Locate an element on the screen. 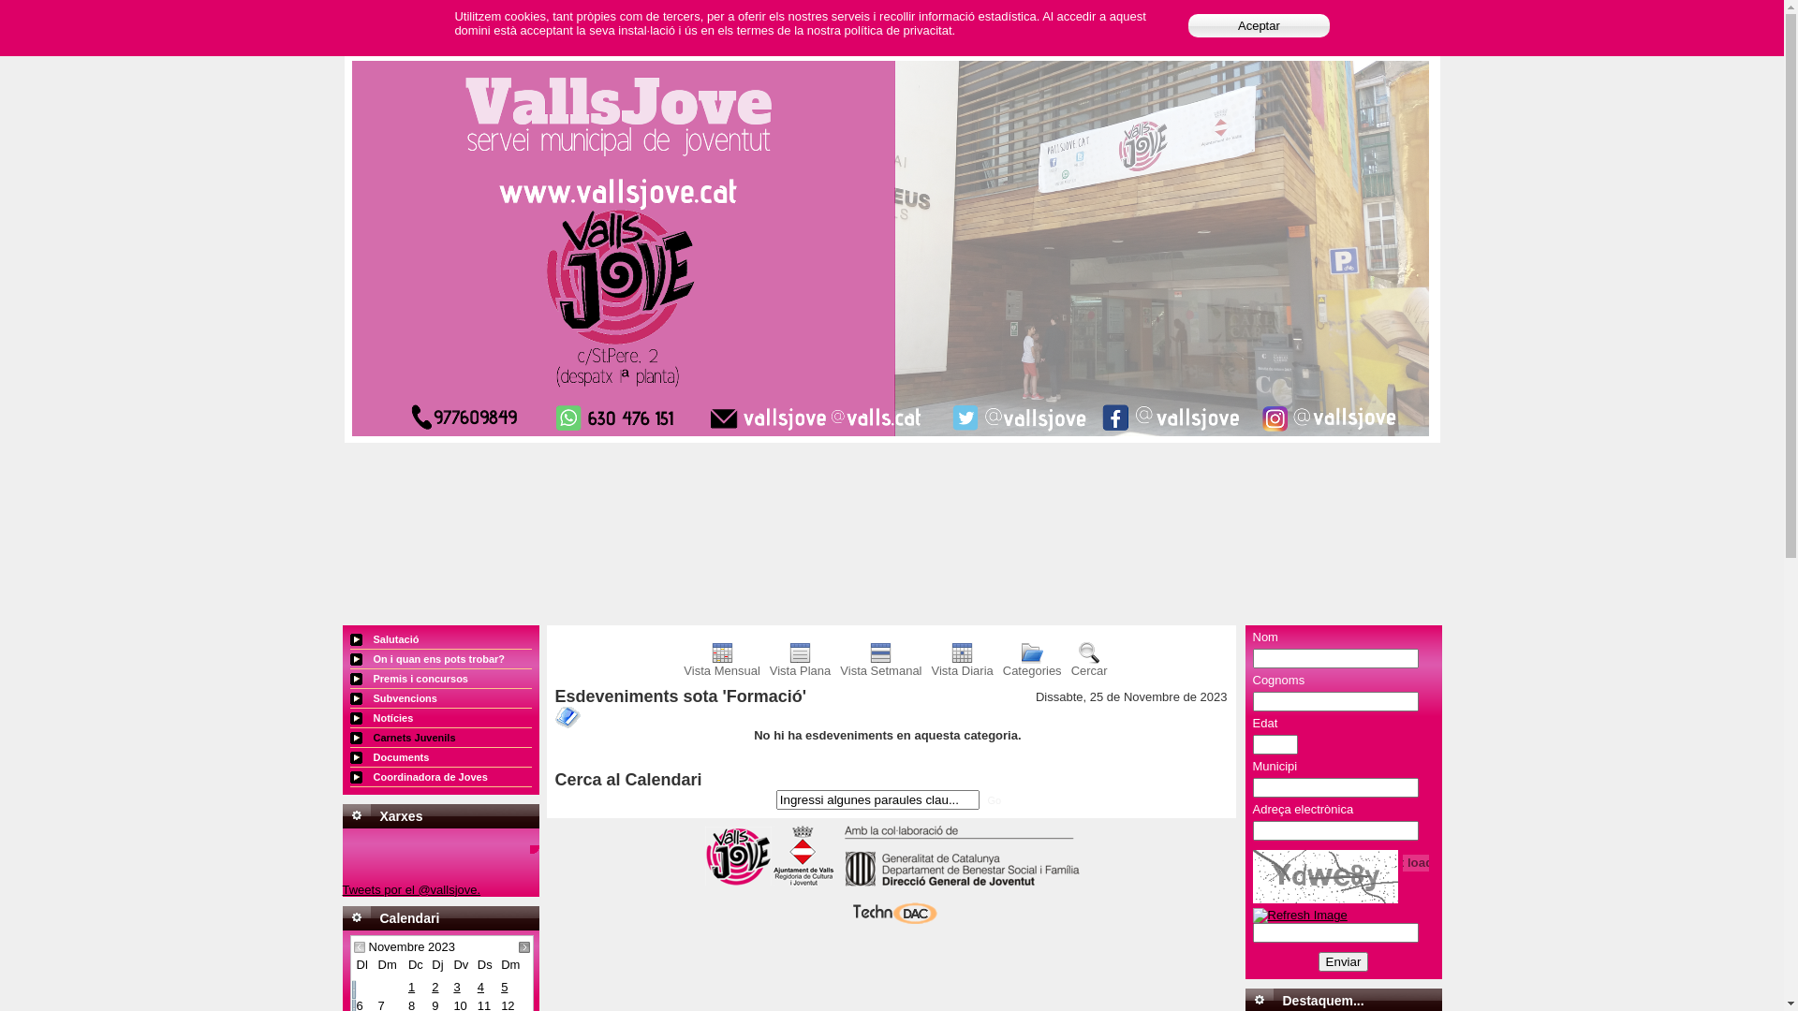 This screenshot has width=1798, height=1011. 'Tweets por el @vallsjove.' is located at coordinates (342, 888).